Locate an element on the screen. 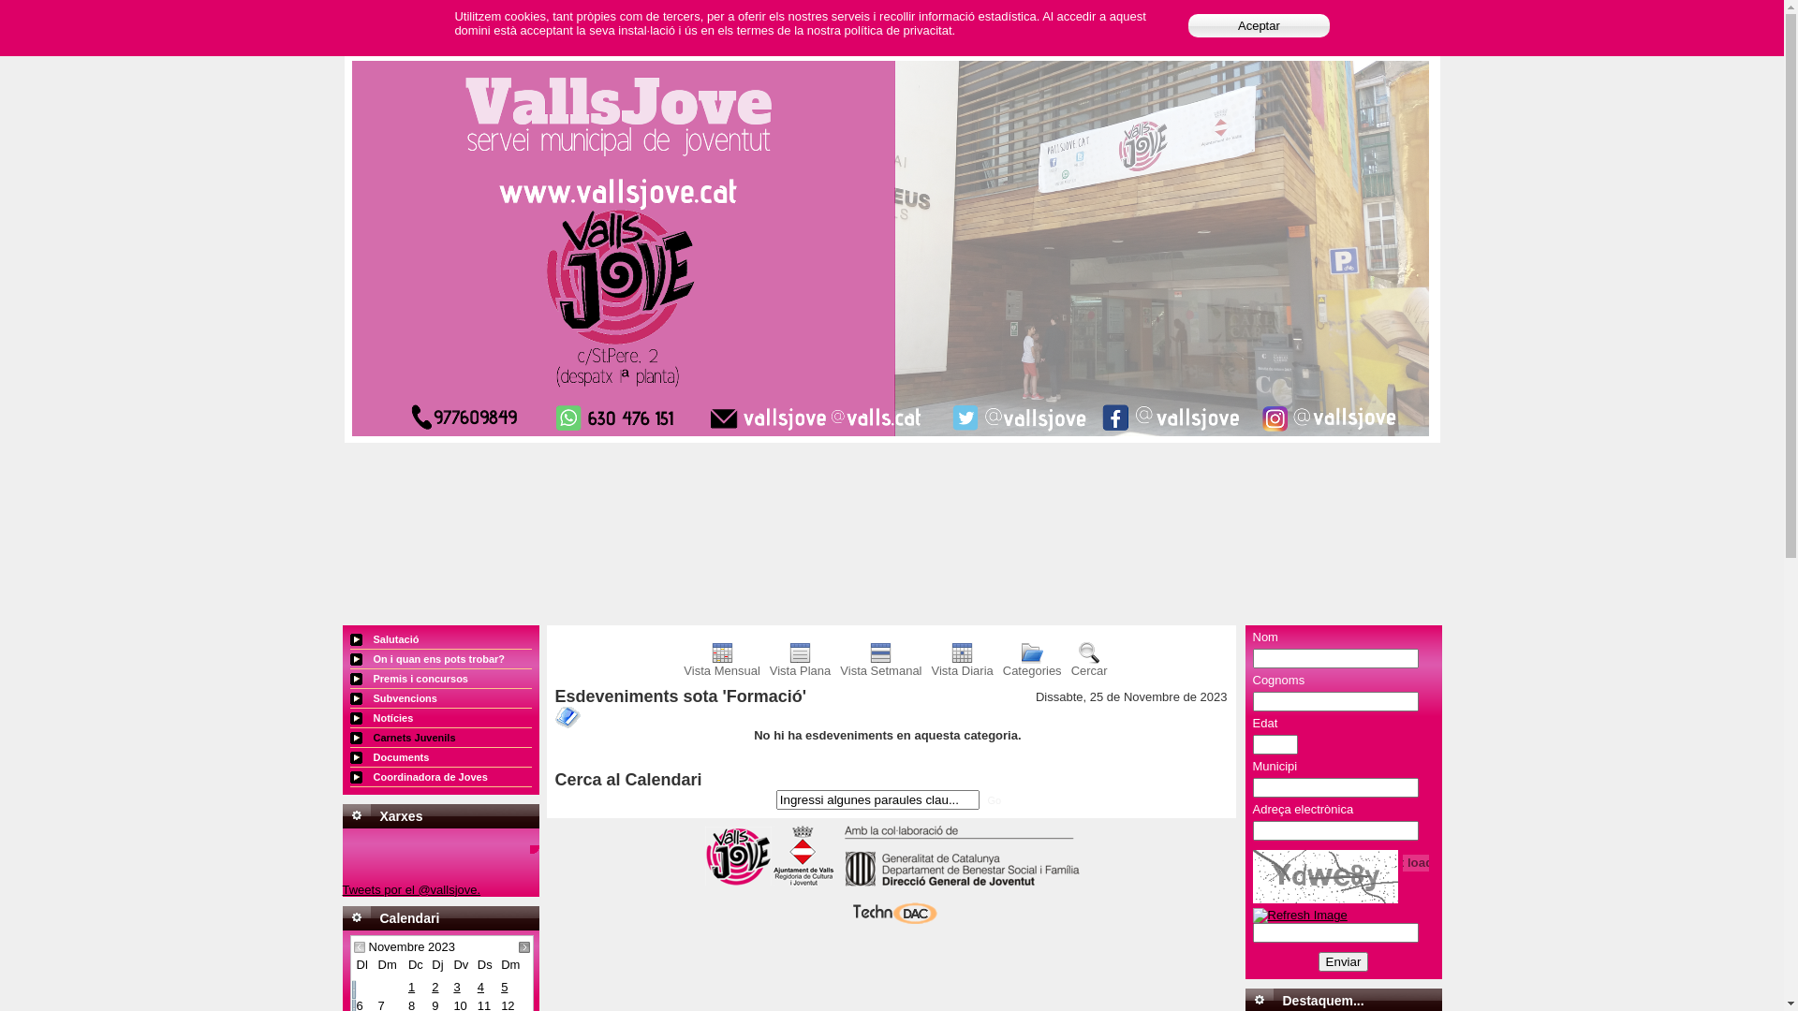 This screenshot has width=1798, height=1011. 'Tweets por el @vallsjove.' is located at coordinates (342, 888).